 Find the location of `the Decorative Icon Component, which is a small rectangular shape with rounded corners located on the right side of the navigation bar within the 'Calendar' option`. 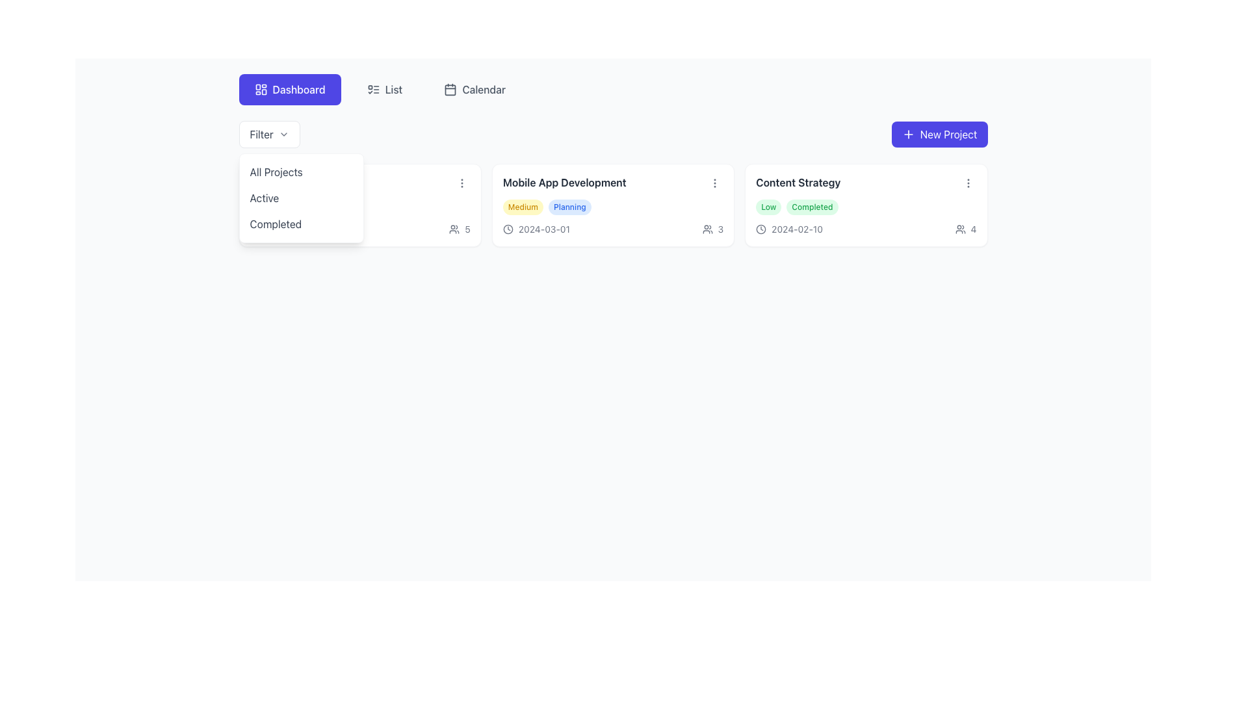

the Decorative Icon Component, which is a small rectangular shape with rounded corners located on the right side of the navigation bar within the 'Calendar' option is located at coordinates (450, 89).